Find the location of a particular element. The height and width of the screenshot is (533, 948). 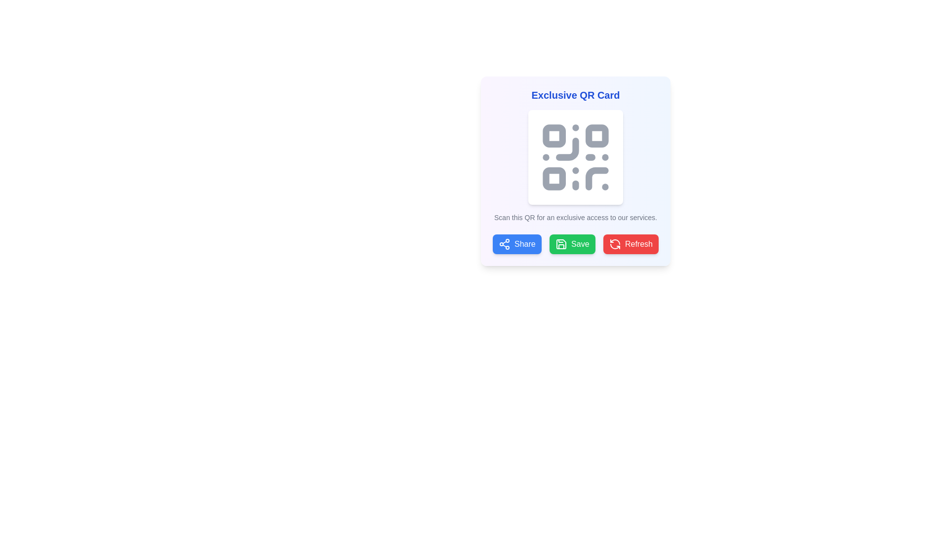

the Icon component located in the bottom-right quadrant of the QR code graphic, which contributes to its visual representation is located at coordinates (596, 179).